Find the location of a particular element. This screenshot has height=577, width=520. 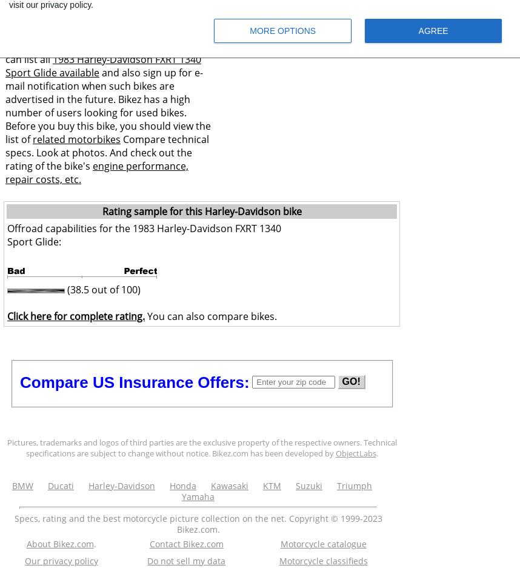

'Yamaha' is located at coordinates (182, 496).